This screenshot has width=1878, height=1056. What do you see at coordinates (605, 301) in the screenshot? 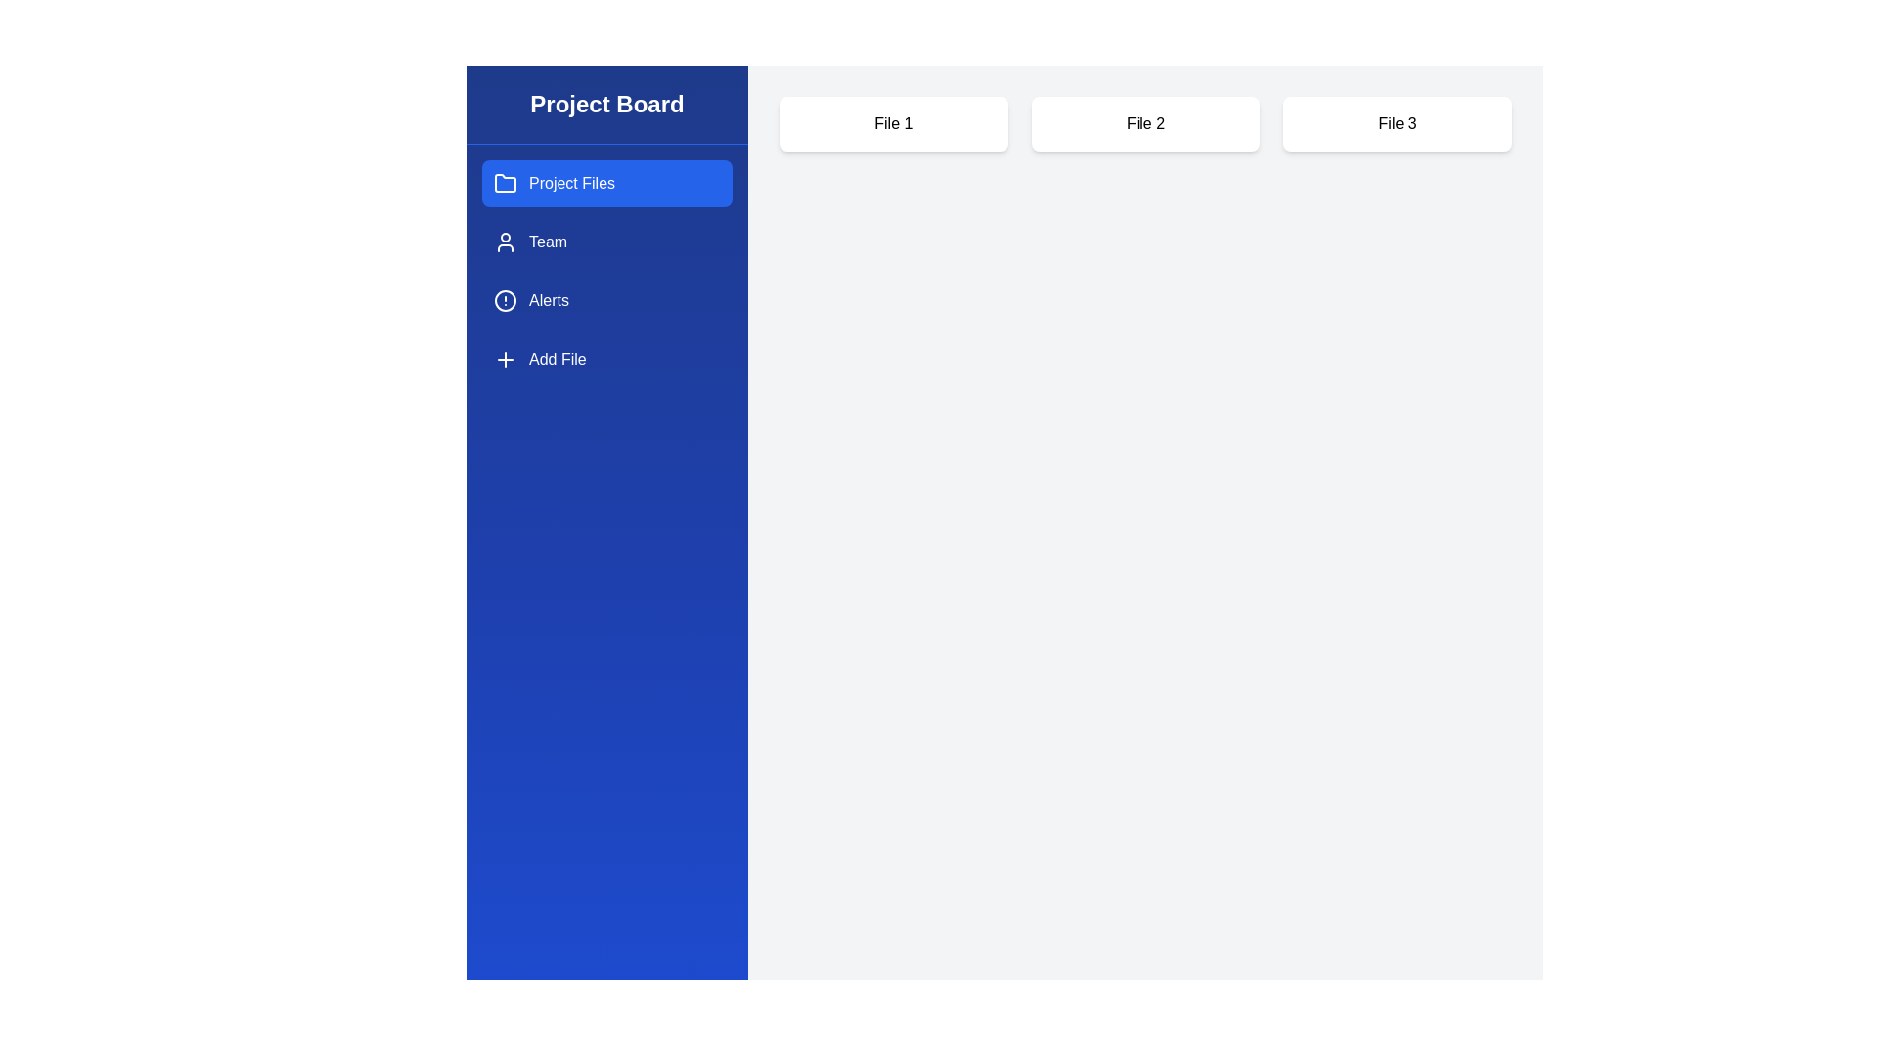
I see `the notifications button located in the sidebar, which is the third button in the vertical list` at bounding box center [605, 301].